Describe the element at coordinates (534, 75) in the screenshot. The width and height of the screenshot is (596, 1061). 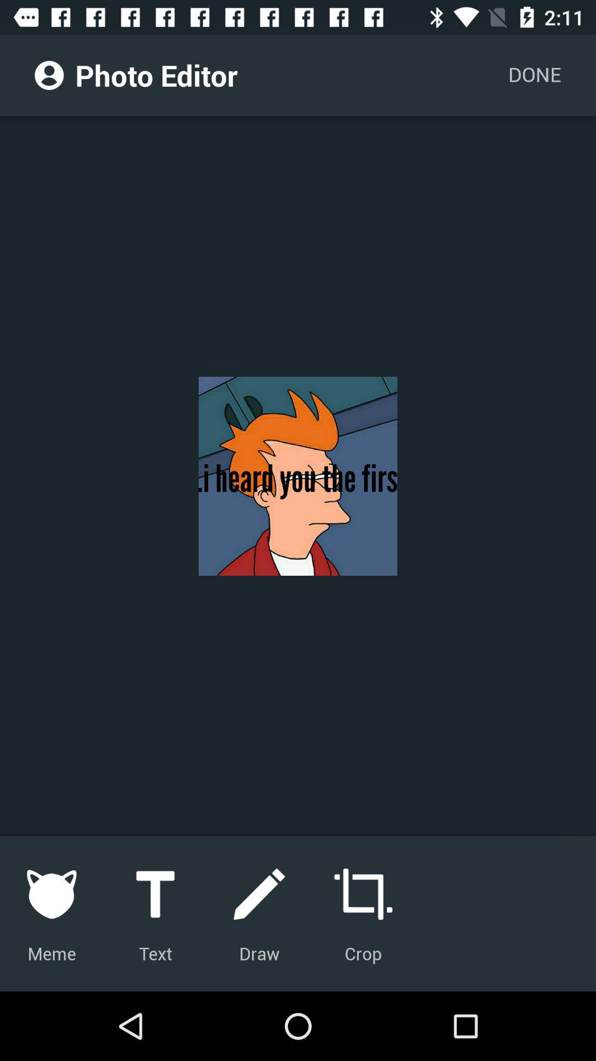
I see `done` at that location.